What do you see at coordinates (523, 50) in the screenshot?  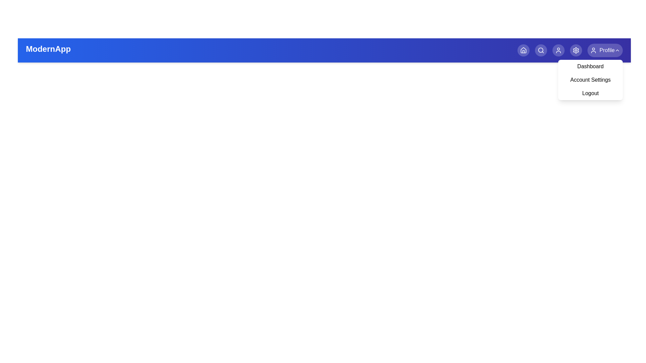 I see `the icon button corresponding to Home` at bounding box center [523, 50].